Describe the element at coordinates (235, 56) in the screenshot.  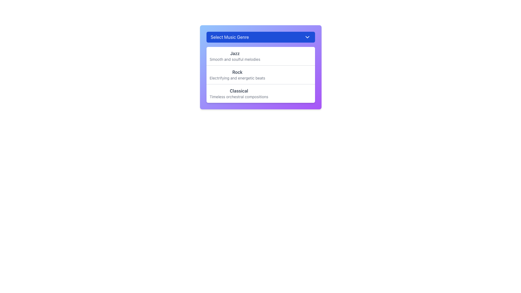
I see `the first item in the dropdown list labeled 'Jazz'` at that location.